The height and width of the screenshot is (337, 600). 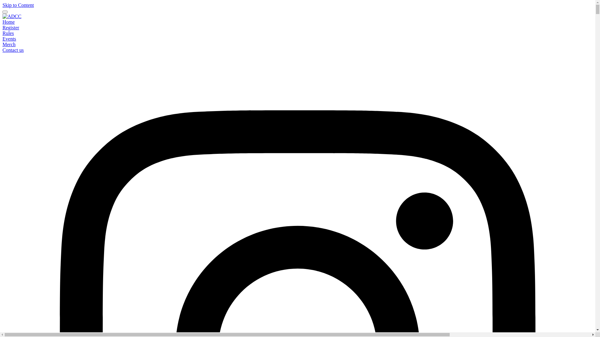 I want to click on 'Contact us', so click(x=13, y=50).